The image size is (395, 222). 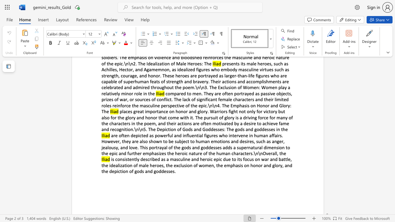 I want to click on the subset text "emphasis on honor and glo" within the text "is consistently described as a masculine and heroic epic due to its focus on war and battle, the idealization of male heroes, the exclusion of women, the emphasis on honor and glory, and the depiction of gods and goddesses.", so click(x=224, y=165).